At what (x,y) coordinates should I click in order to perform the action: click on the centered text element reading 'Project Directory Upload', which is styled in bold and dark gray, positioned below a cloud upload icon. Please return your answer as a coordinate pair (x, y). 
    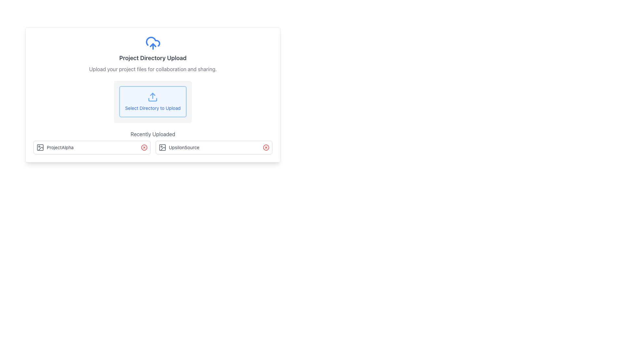
    Looking at the image, I should click on (152, 58).